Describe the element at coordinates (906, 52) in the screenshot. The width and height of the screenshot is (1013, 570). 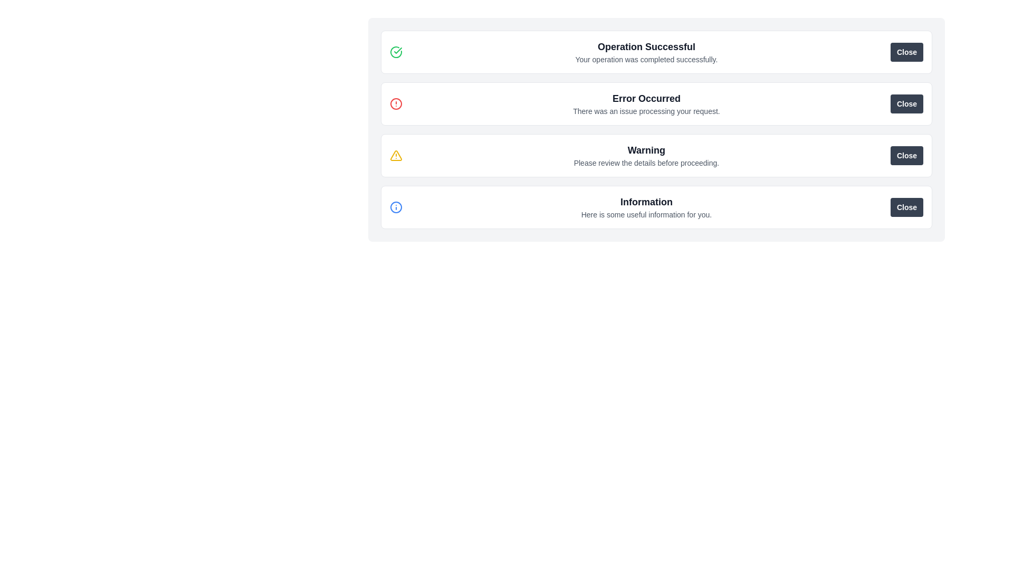
I see `the 'Close' button, which is a rectangular button with a dark gray background and white text, located on the far right of the notice box titled 'Operation Successful'` at that location.